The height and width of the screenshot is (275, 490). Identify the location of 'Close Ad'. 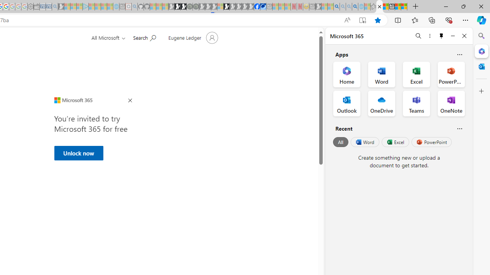
(130, 100).